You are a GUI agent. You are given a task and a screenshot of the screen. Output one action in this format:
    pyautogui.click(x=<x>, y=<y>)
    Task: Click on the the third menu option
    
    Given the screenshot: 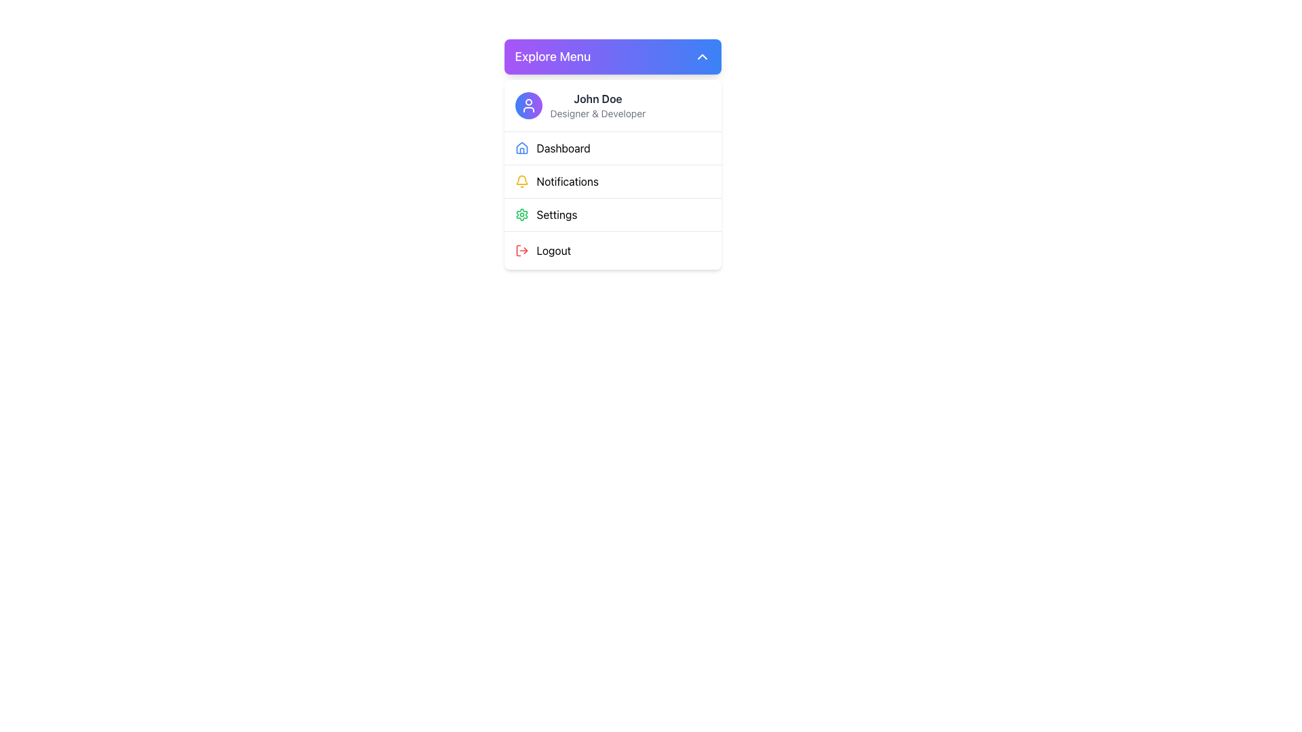 What is the action you would take?
    pyautogui.click(x=612, y=213)
    